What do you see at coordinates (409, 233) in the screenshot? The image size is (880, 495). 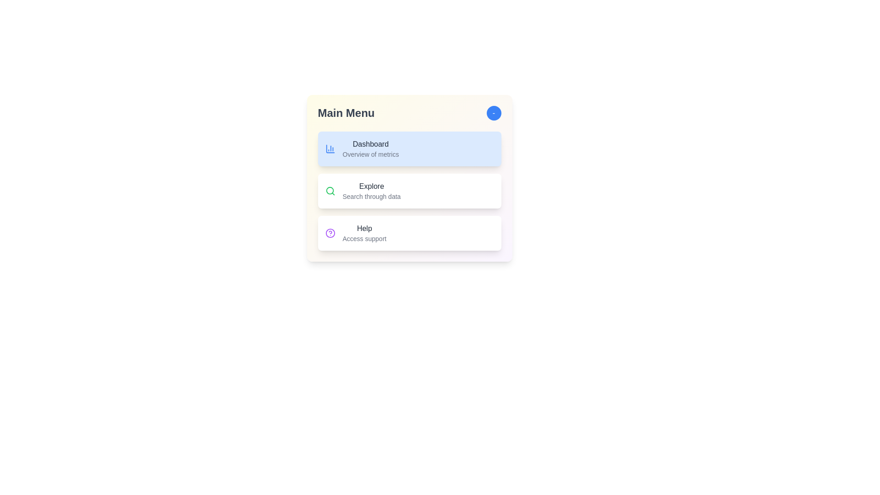 I see `the menu item Help by clicking on it` at bounding box center [409, 233].